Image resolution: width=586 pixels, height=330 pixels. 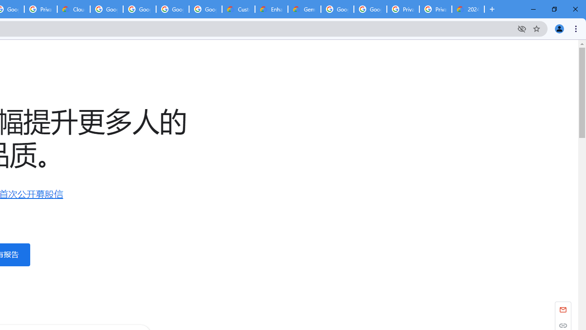 What do you see at coordinates (370, 9) in the screenshot?
I see `'Google Cloud Platform'` at bounding box center [370, 9].